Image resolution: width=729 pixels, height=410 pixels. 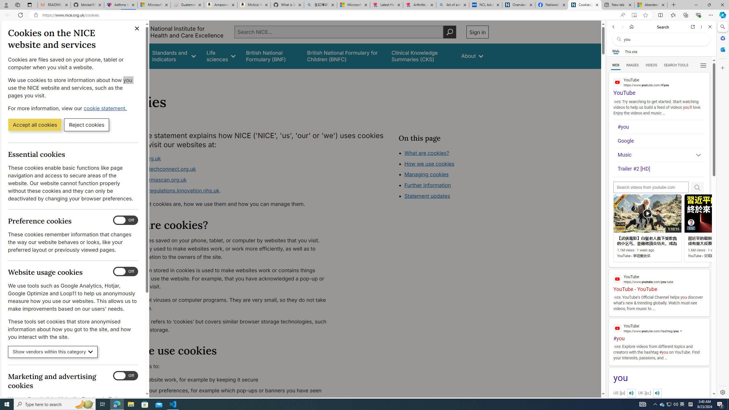 I want to click on 'Class: in-page-nav__list', so click(x=443, y=175).